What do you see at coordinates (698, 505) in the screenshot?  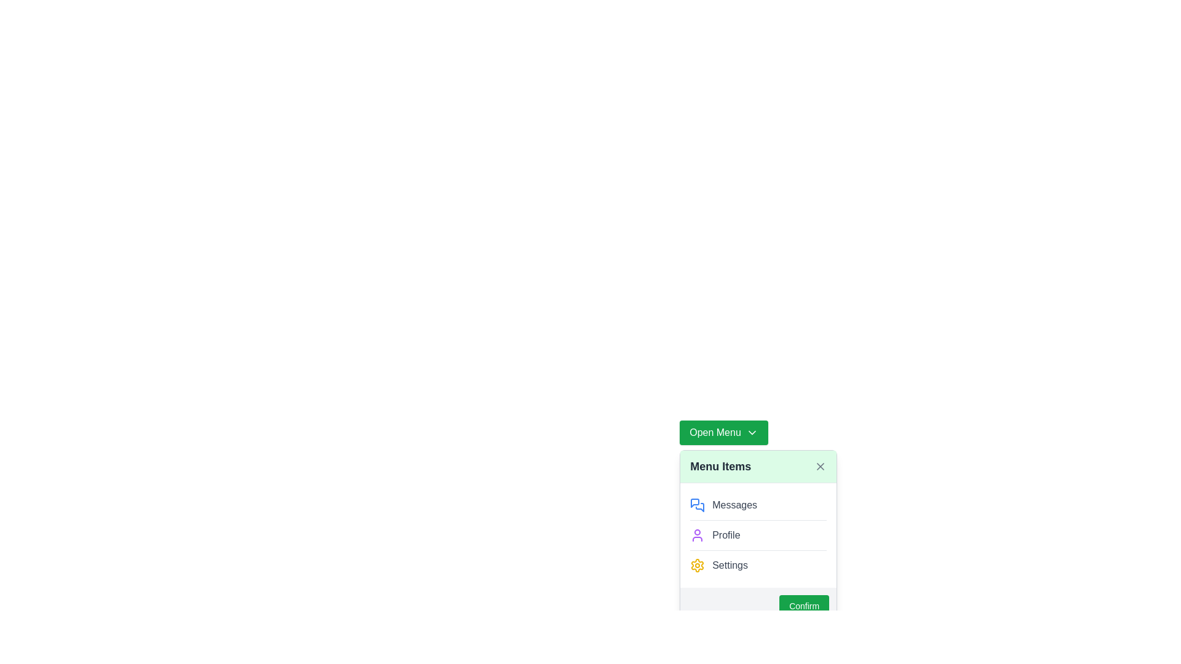 I see `the blue icon depicting two speech bubbles, which is the first item in the 'Menu Items' window adjacent to the 'Messages' label` at bounding box center [698, 505].